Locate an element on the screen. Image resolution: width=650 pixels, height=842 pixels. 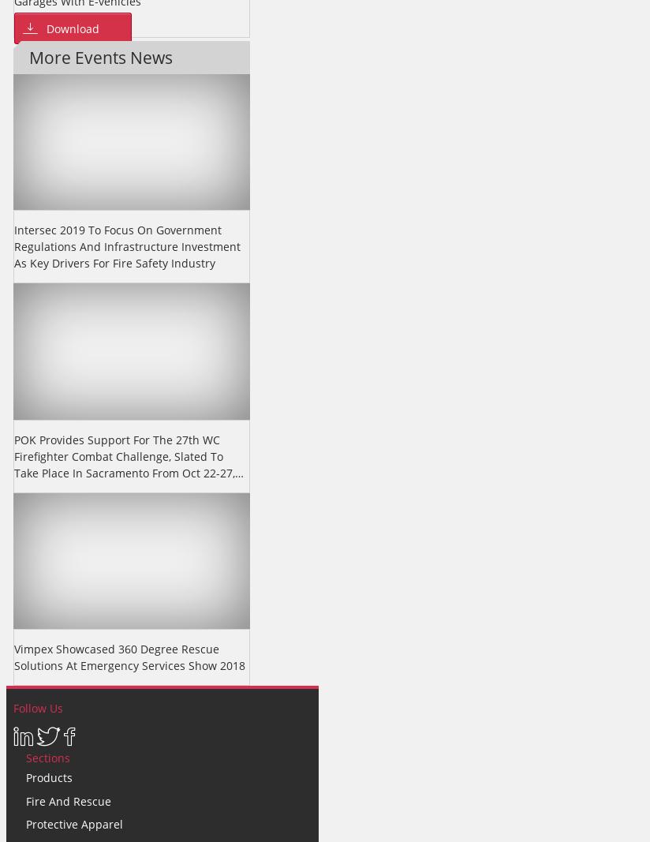
'More events news' is located at coordinates (100, 56).